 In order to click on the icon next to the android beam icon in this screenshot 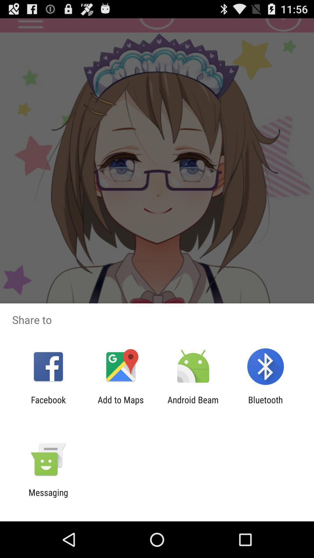, I will do `click(265, 405)`.